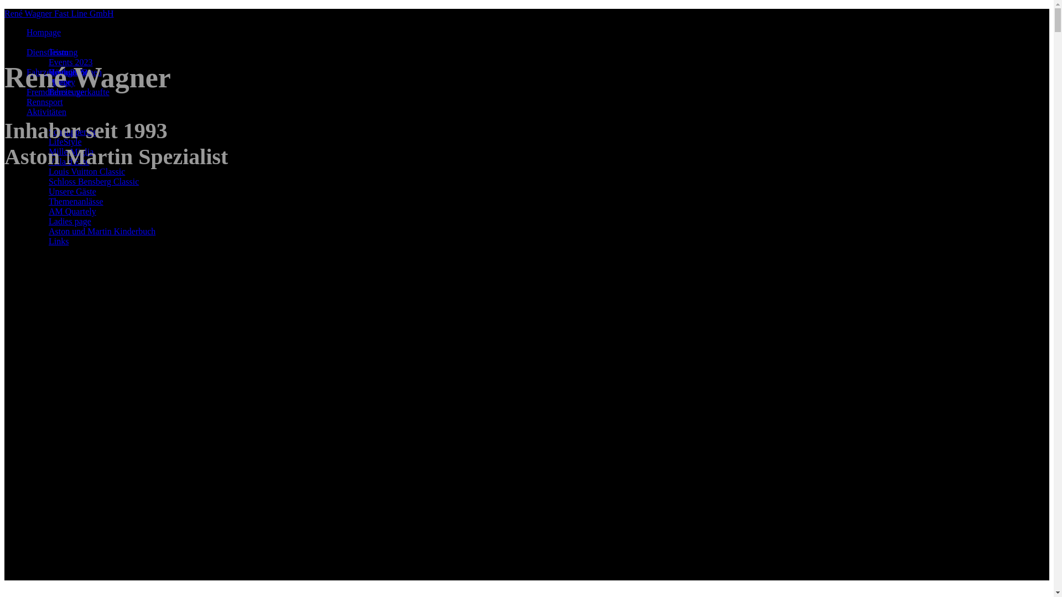 The image size is (1062, 597). What do you see at coordinates (59, 81) in the screenshot?
I see `'Pflege'` at bounding box center [59, 81].